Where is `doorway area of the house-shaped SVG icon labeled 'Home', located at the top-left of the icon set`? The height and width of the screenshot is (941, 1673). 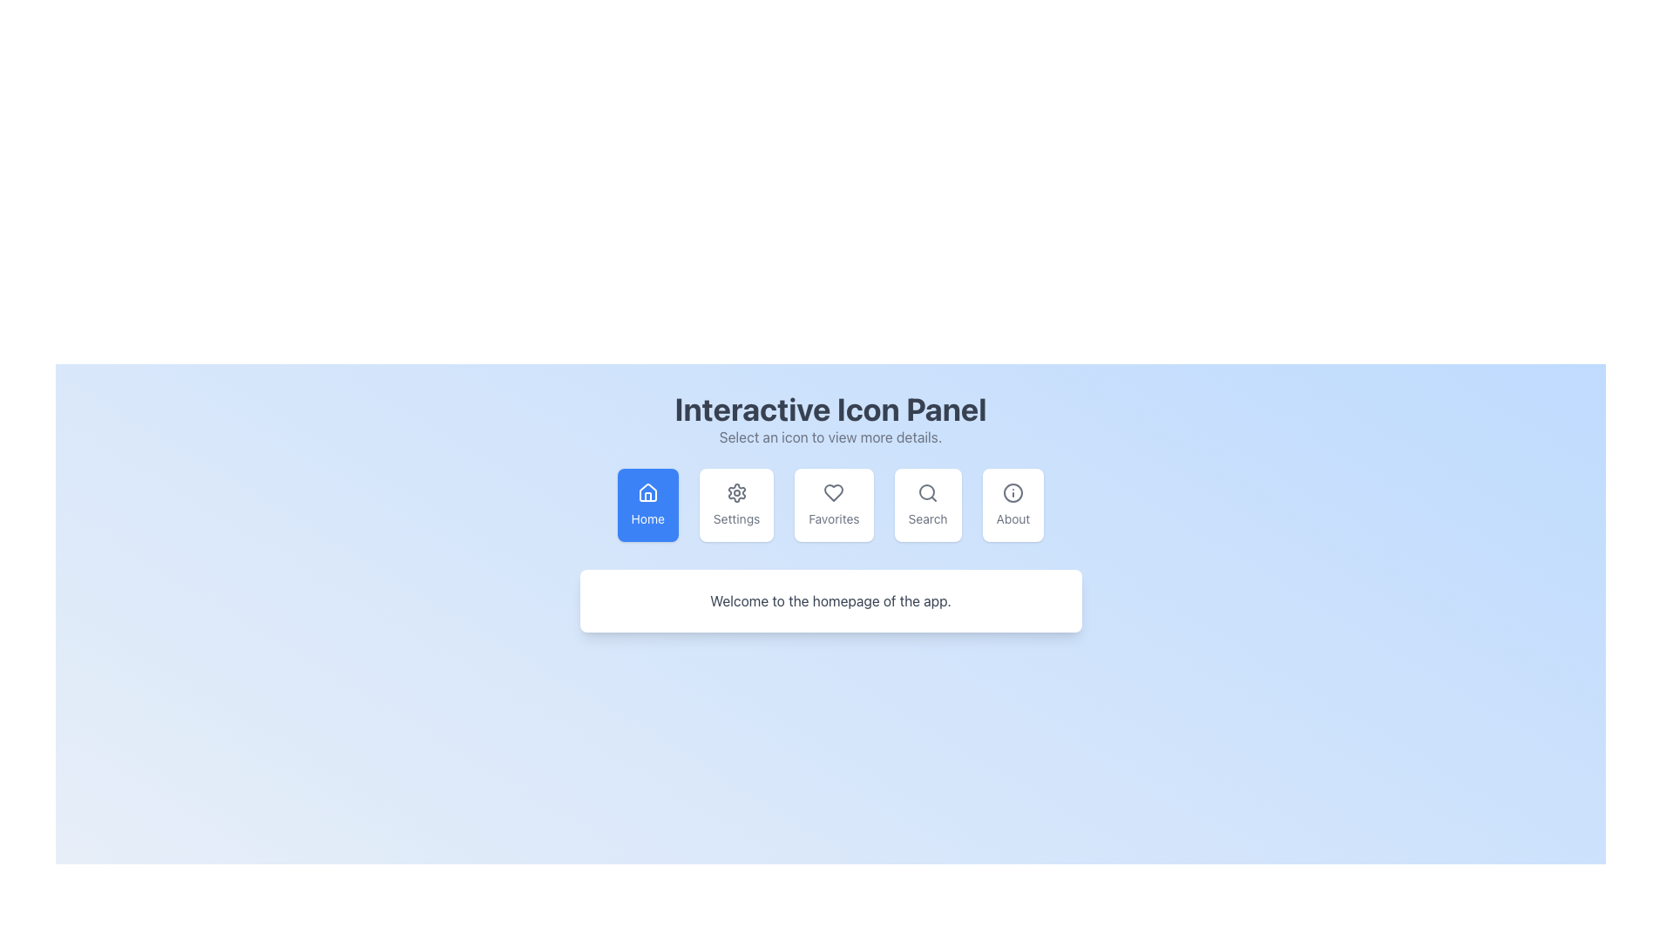
doorway area of the house-shaped SVG icon labeled 'Home', located at the top-left of the icon set is located at coordinates (647, 497).